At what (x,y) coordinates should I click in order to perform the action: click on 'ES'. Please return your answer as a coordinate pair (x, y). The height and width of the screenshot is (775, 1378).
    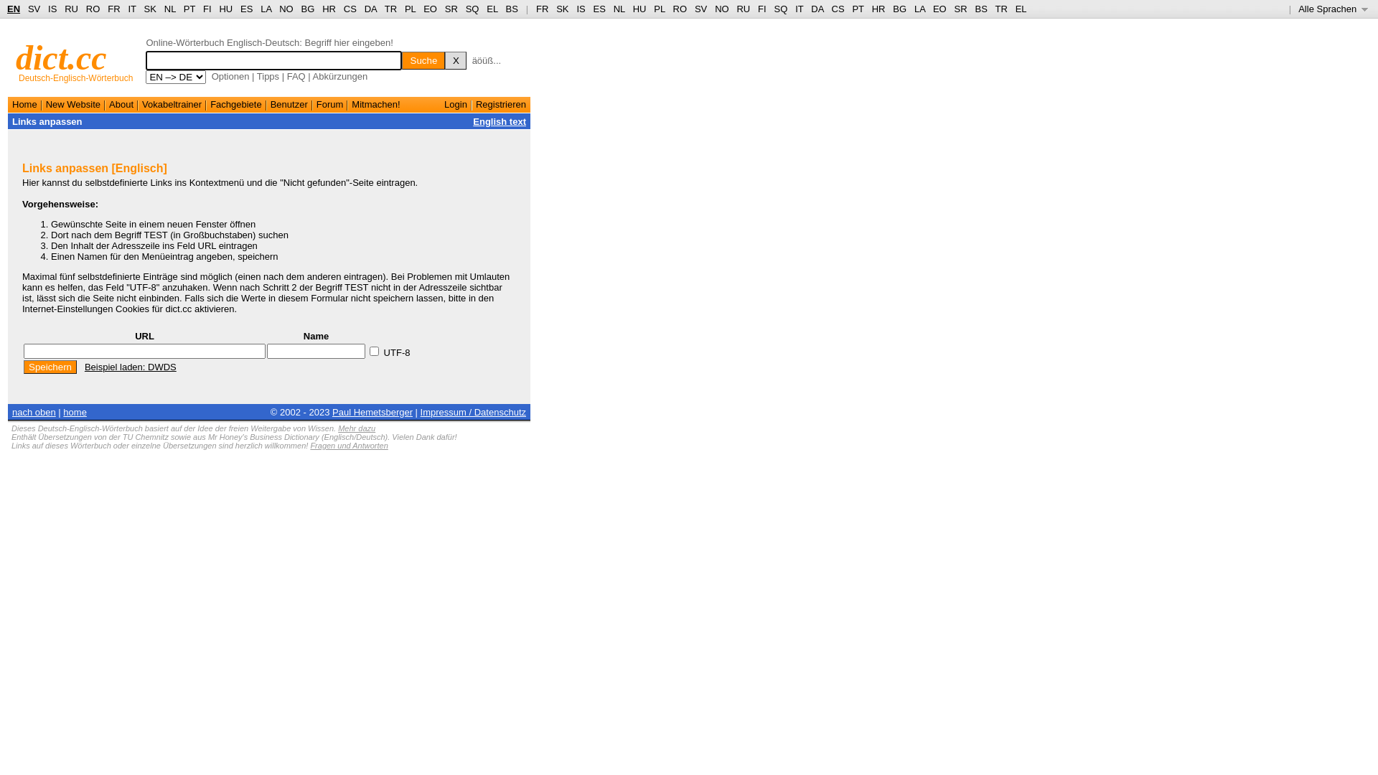
    Looking at the image, I should click on (246, 9).